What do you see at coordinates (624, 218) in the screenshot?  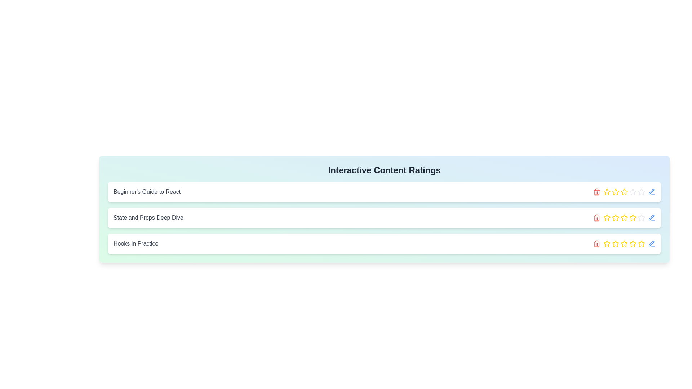 I see `the active third star icon` at bounding box center [624, 218].